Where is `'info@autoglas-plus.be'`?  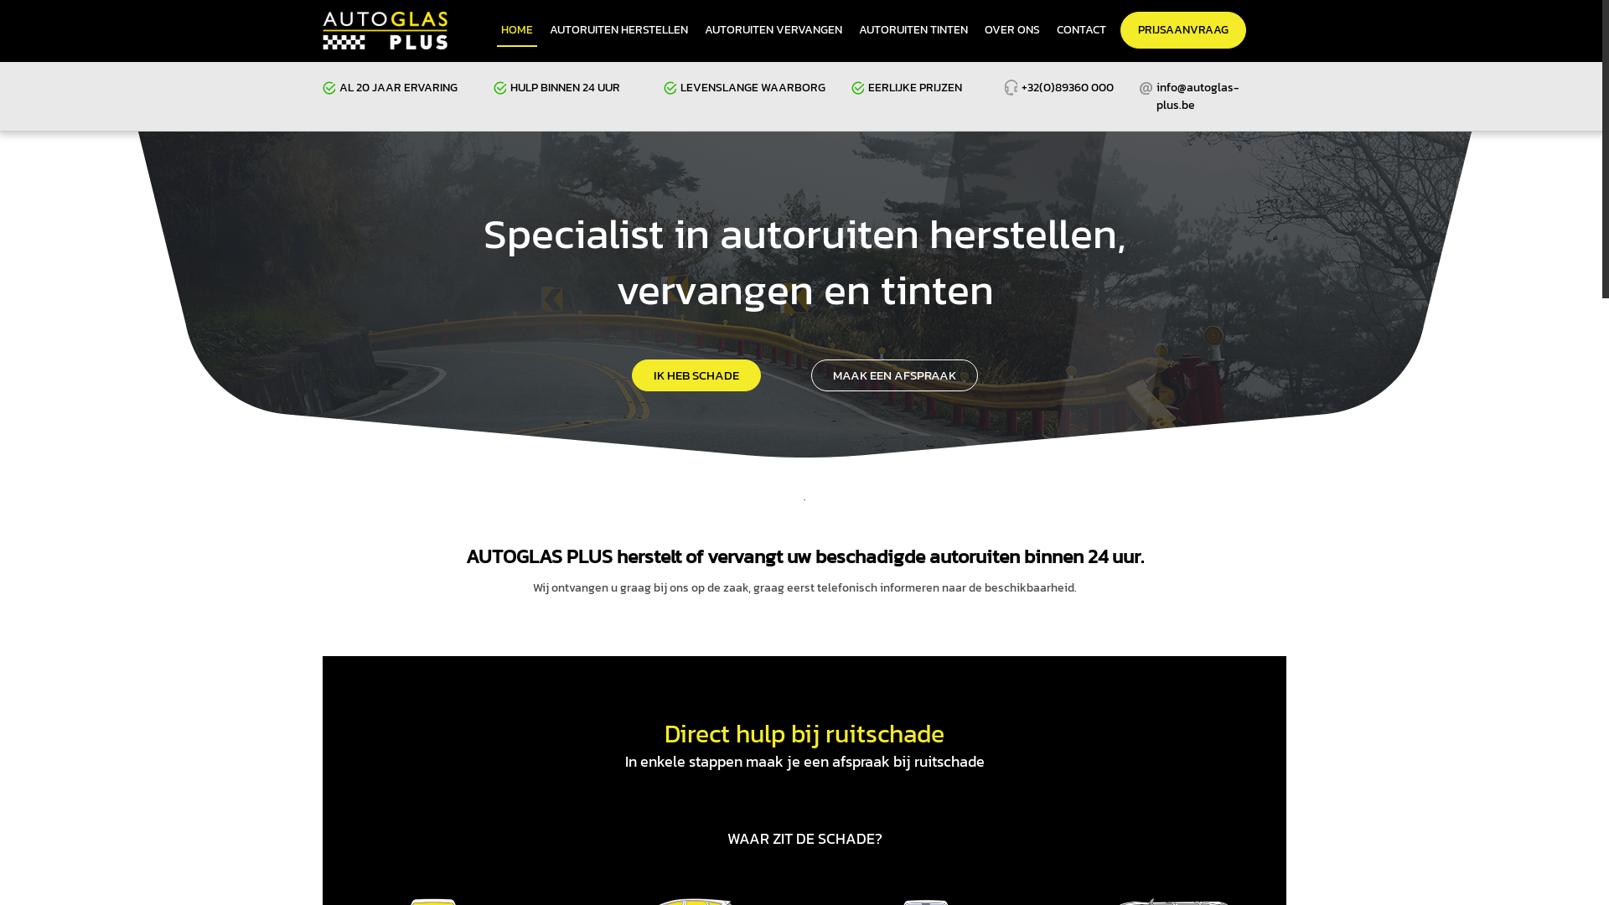 'info@autoglas-plus.be' is located at coordinates (1197, 96).